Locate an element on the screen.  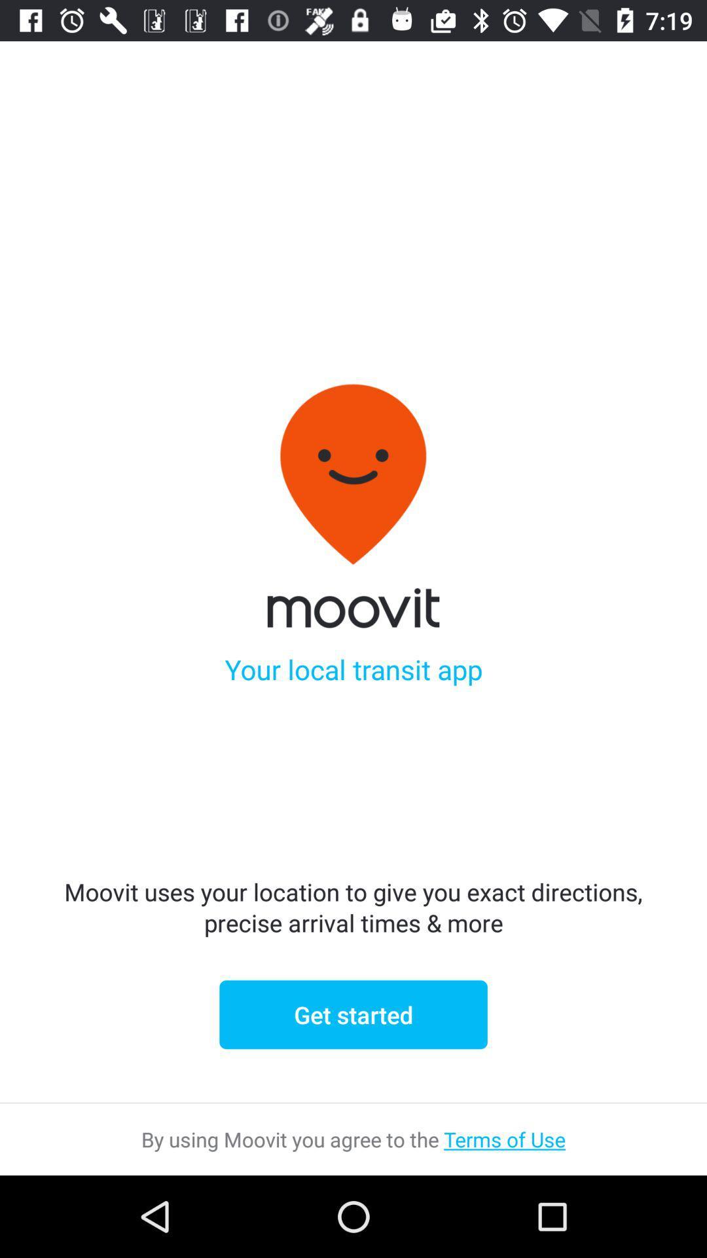
get started is located at coordinates (353, 1014).